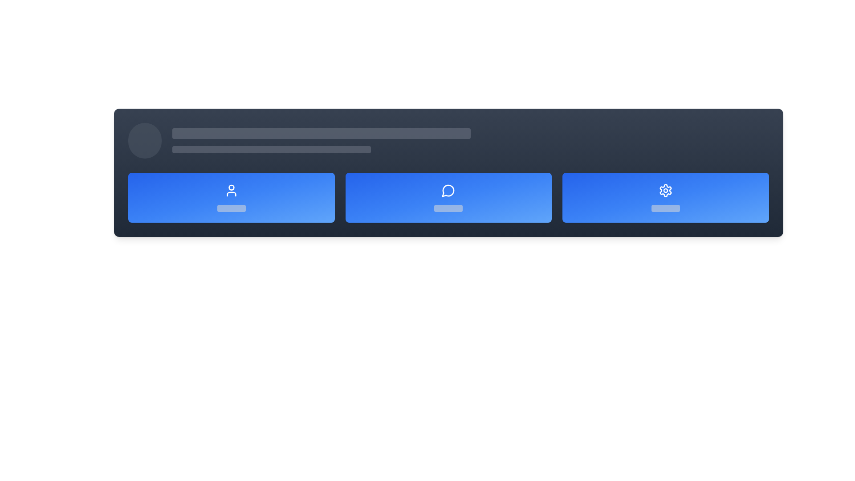  Describe the element at coordinates (470, 140) in the screenshot. I see `the animation of the placeholder component within the flexbox structure, which consists of two parallel pulse-animated gray bars` at that location.